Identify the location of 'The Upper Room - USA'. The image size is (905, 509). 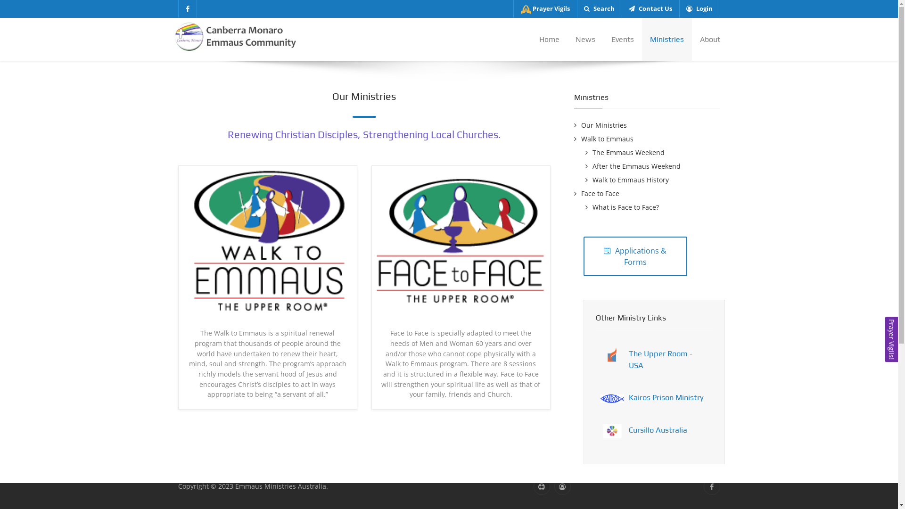
(660, 359).